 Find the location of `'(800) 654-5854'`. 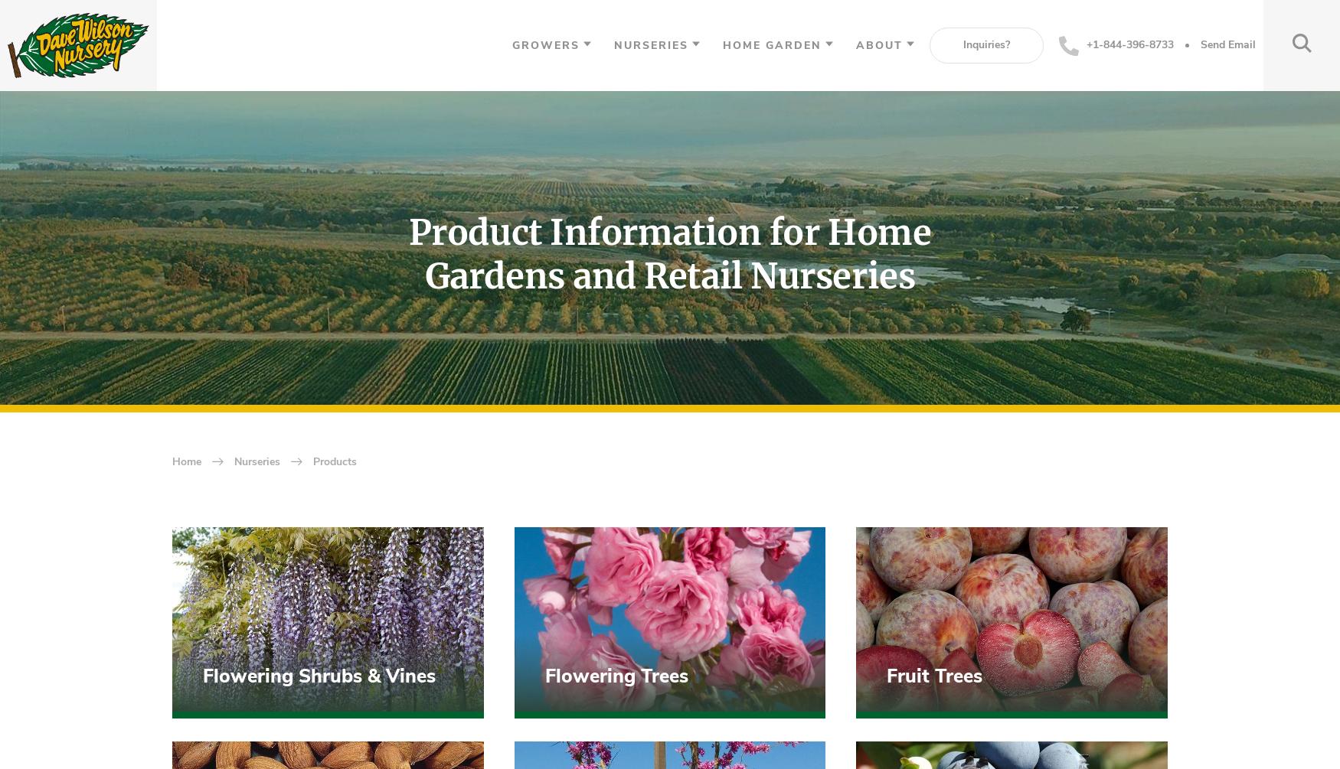

'(800) 654-5854' is located at coordinates (270, 681).